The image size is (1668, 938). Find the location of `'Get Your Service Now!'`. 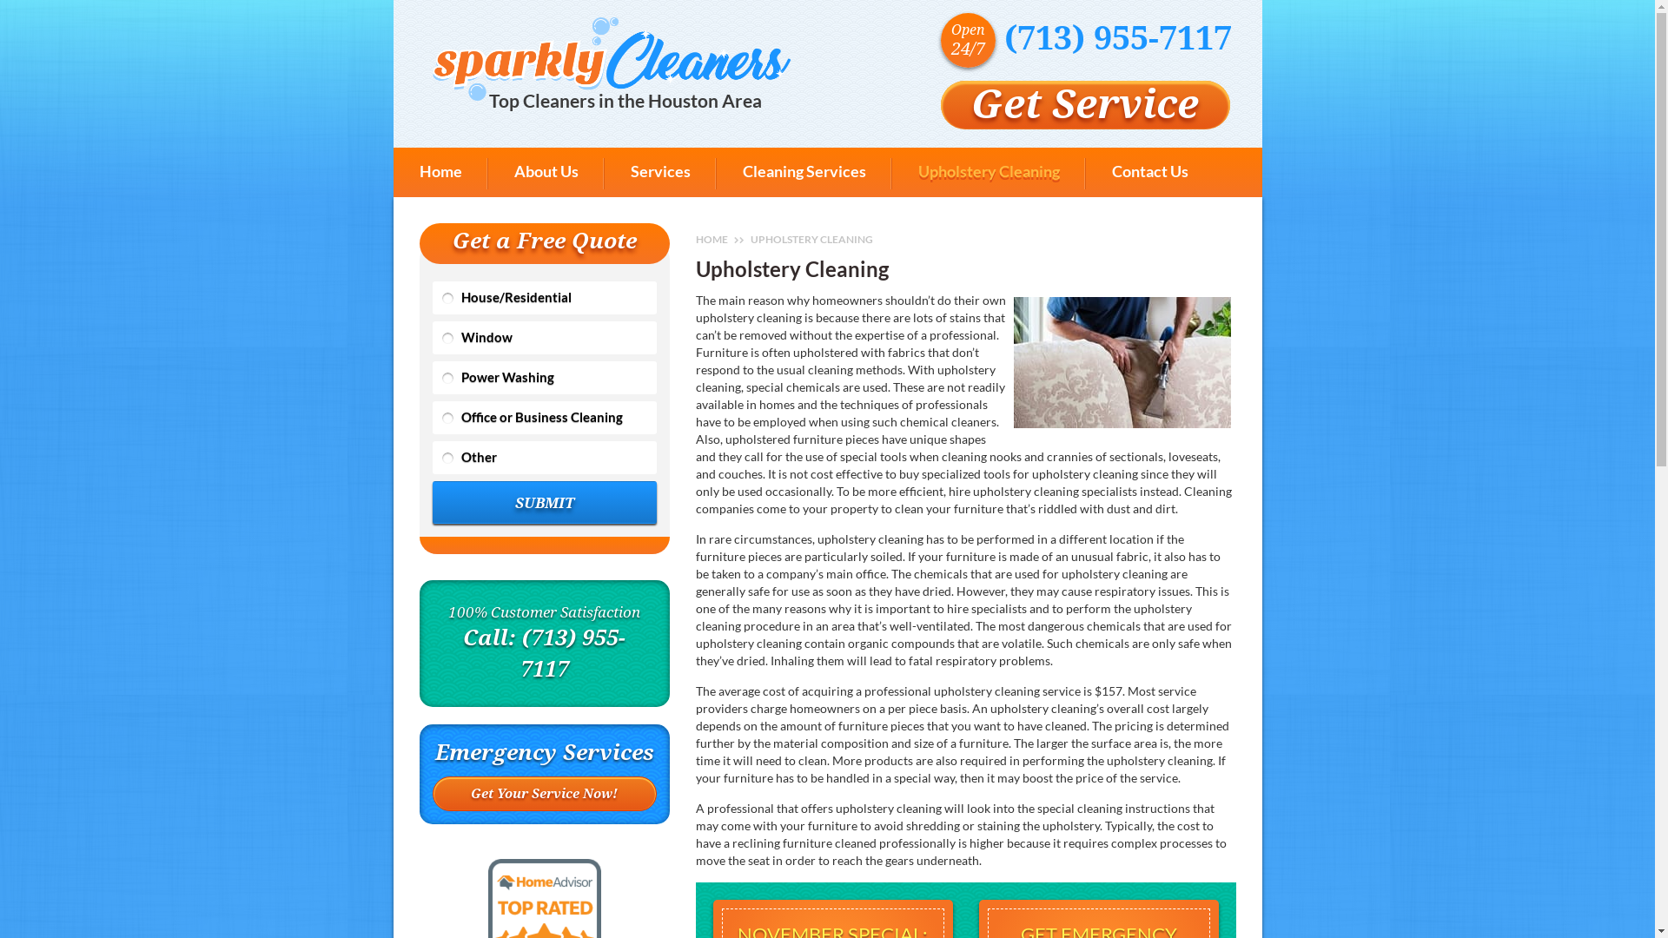

'Get Your Service Now!' is located at coordinates (544, 794).